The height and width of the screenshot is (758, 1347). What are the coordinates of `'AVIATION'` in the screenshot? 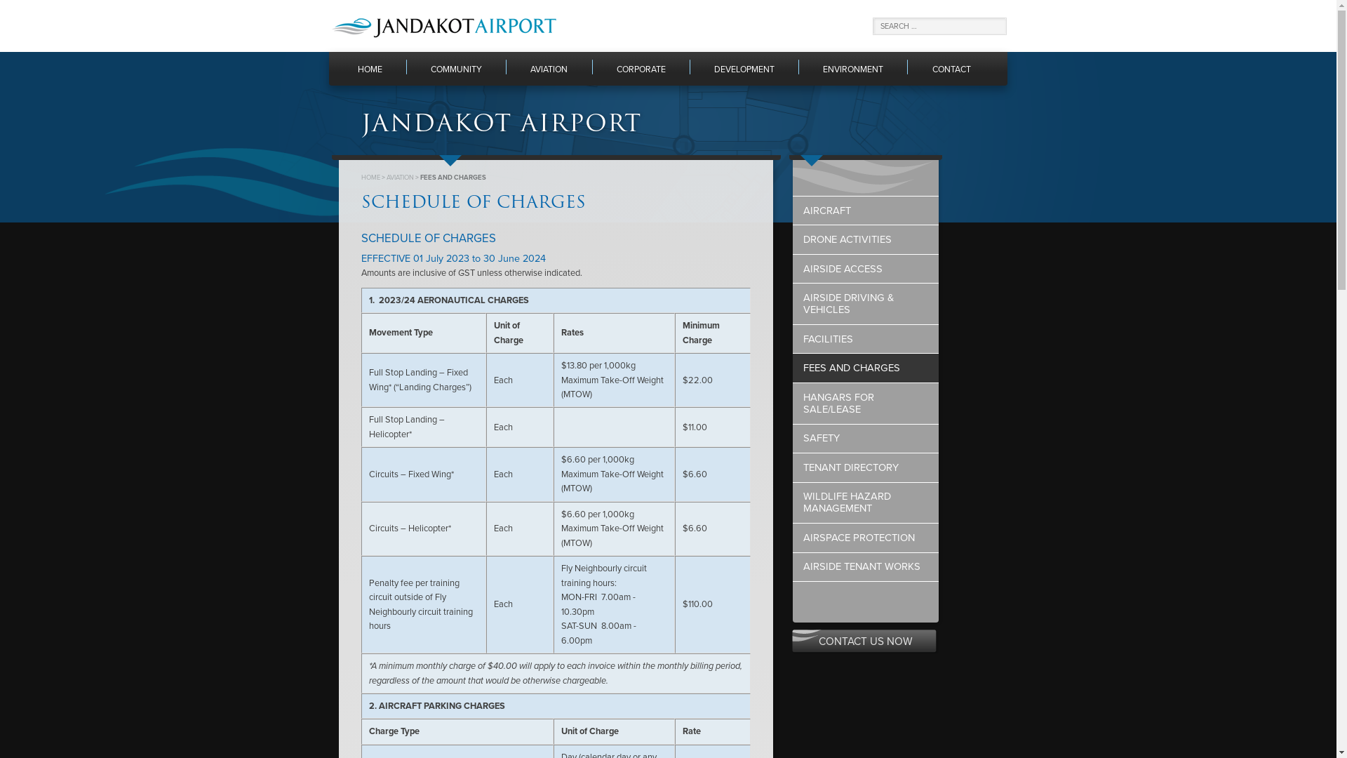 It's located at (399, 177).